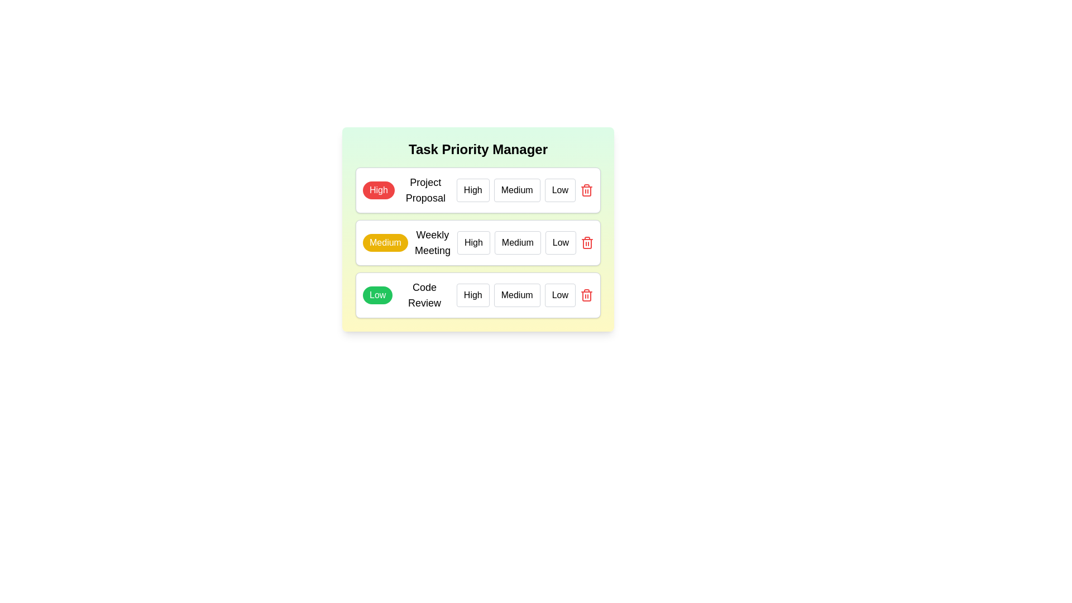  What do you see at coordinates (586, 294) in the screenshot?
I see `the delete button for the task titled 'Code Review'` at bounding box center [586, 294].